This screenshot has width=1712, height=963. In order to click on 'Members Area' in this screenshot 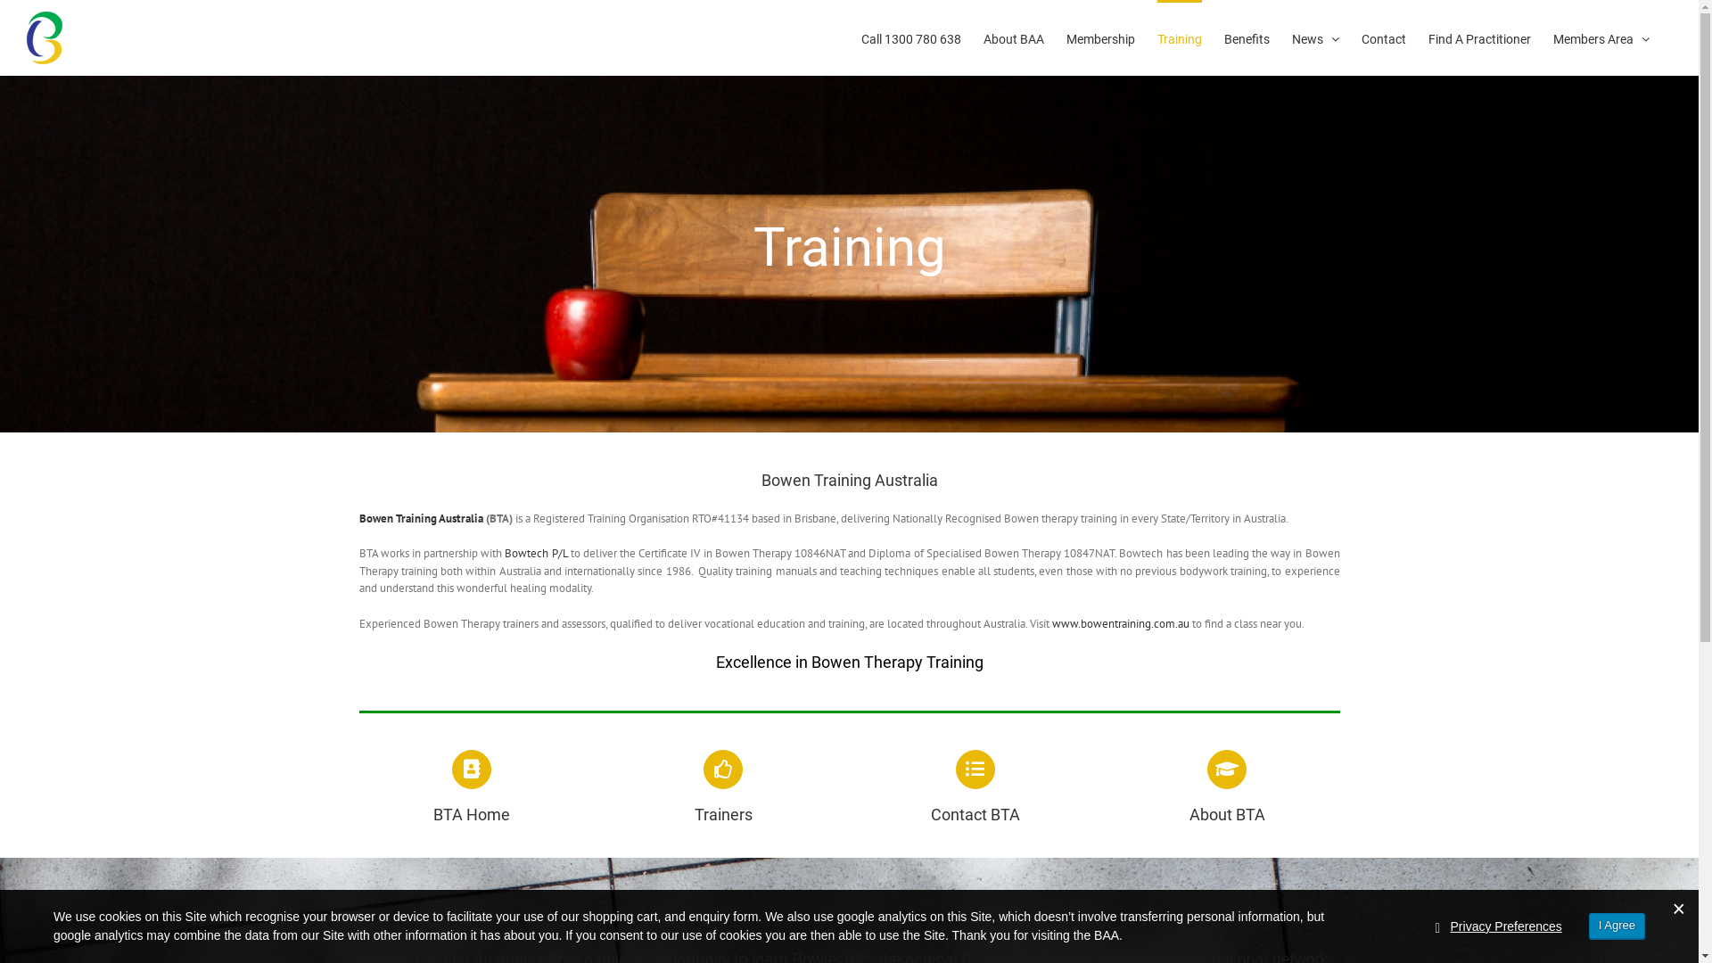, I will do `click(1552, 37)`.